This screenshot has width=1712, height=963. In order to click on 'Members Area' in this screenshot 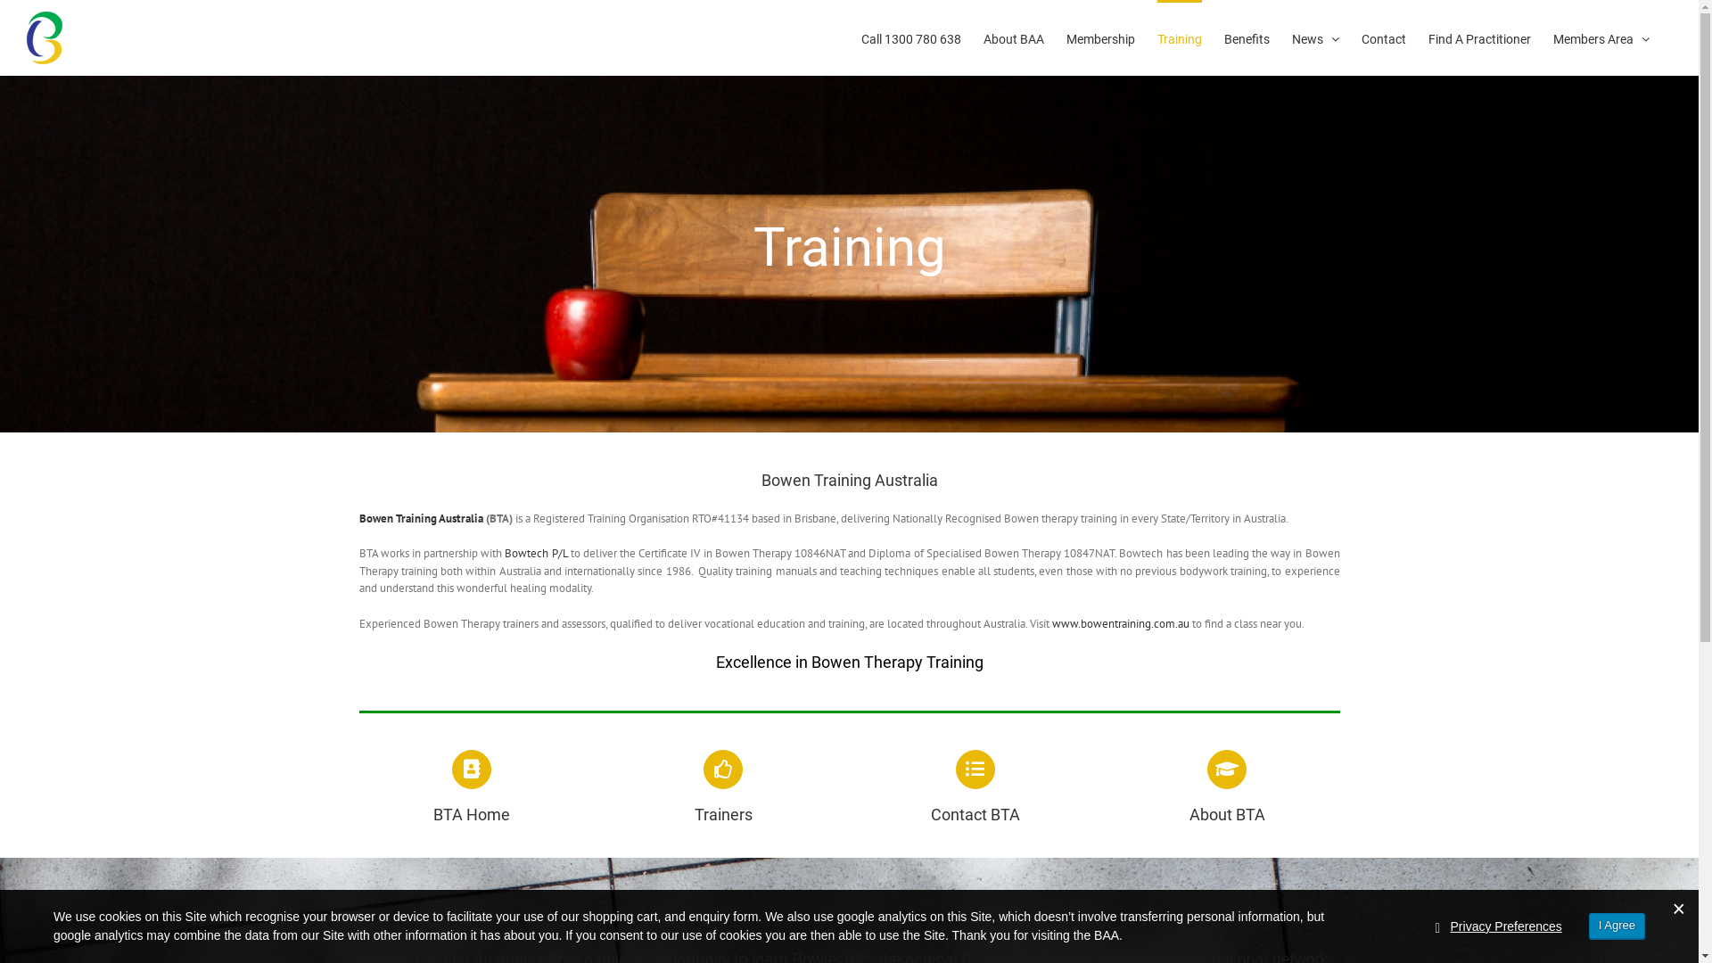, I will do `click(1552, 37)`.